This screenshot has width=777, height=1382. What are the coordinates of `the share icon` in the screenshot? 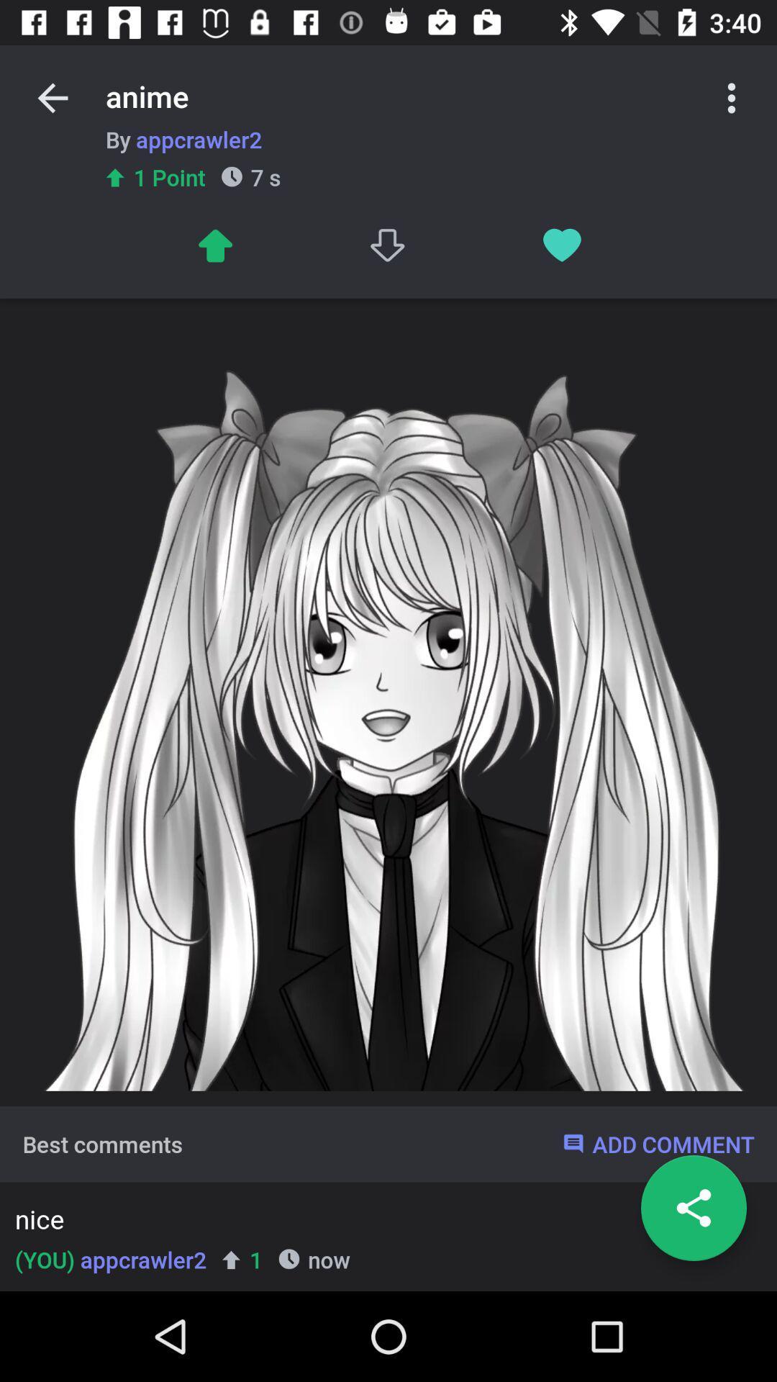 It's located at (693, 1208).